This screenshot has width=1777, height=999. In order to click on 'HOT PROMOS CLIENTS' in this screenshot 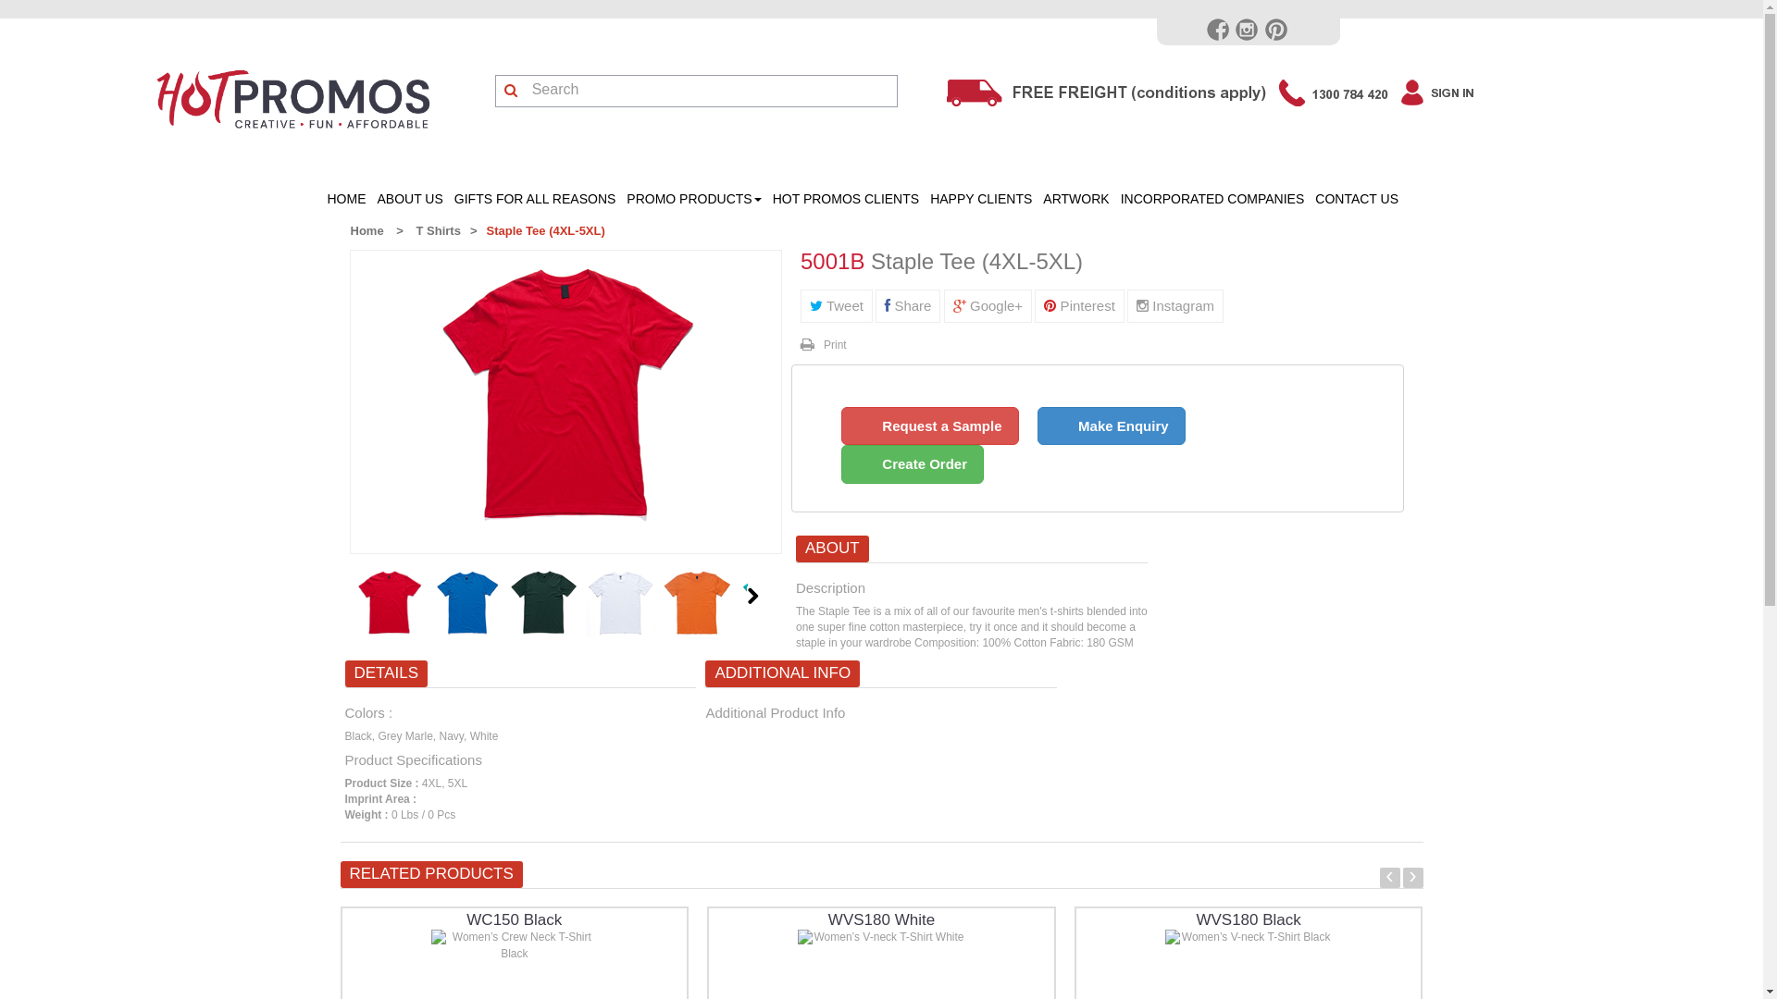, I will do `click(844, 199)`.